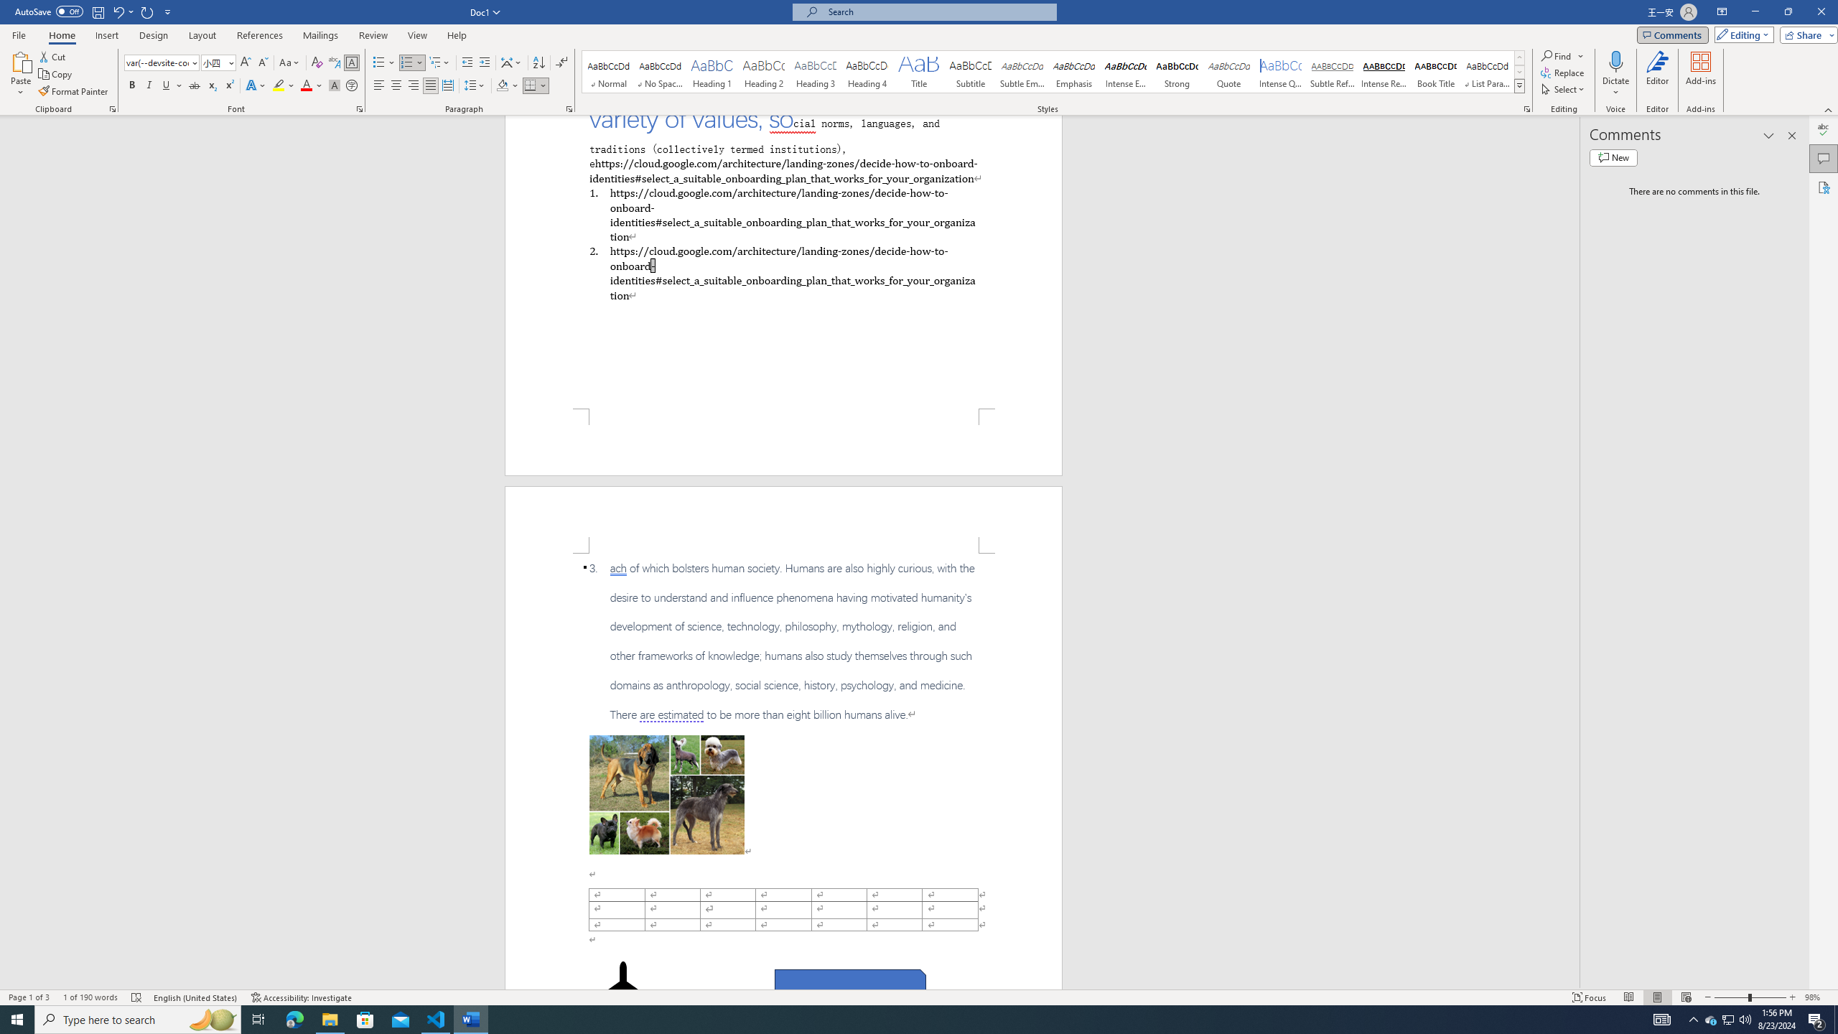 Image resolution: width=1838 pixels, height=1034 pixels. I want to click on 'Design', so click(154, 35).